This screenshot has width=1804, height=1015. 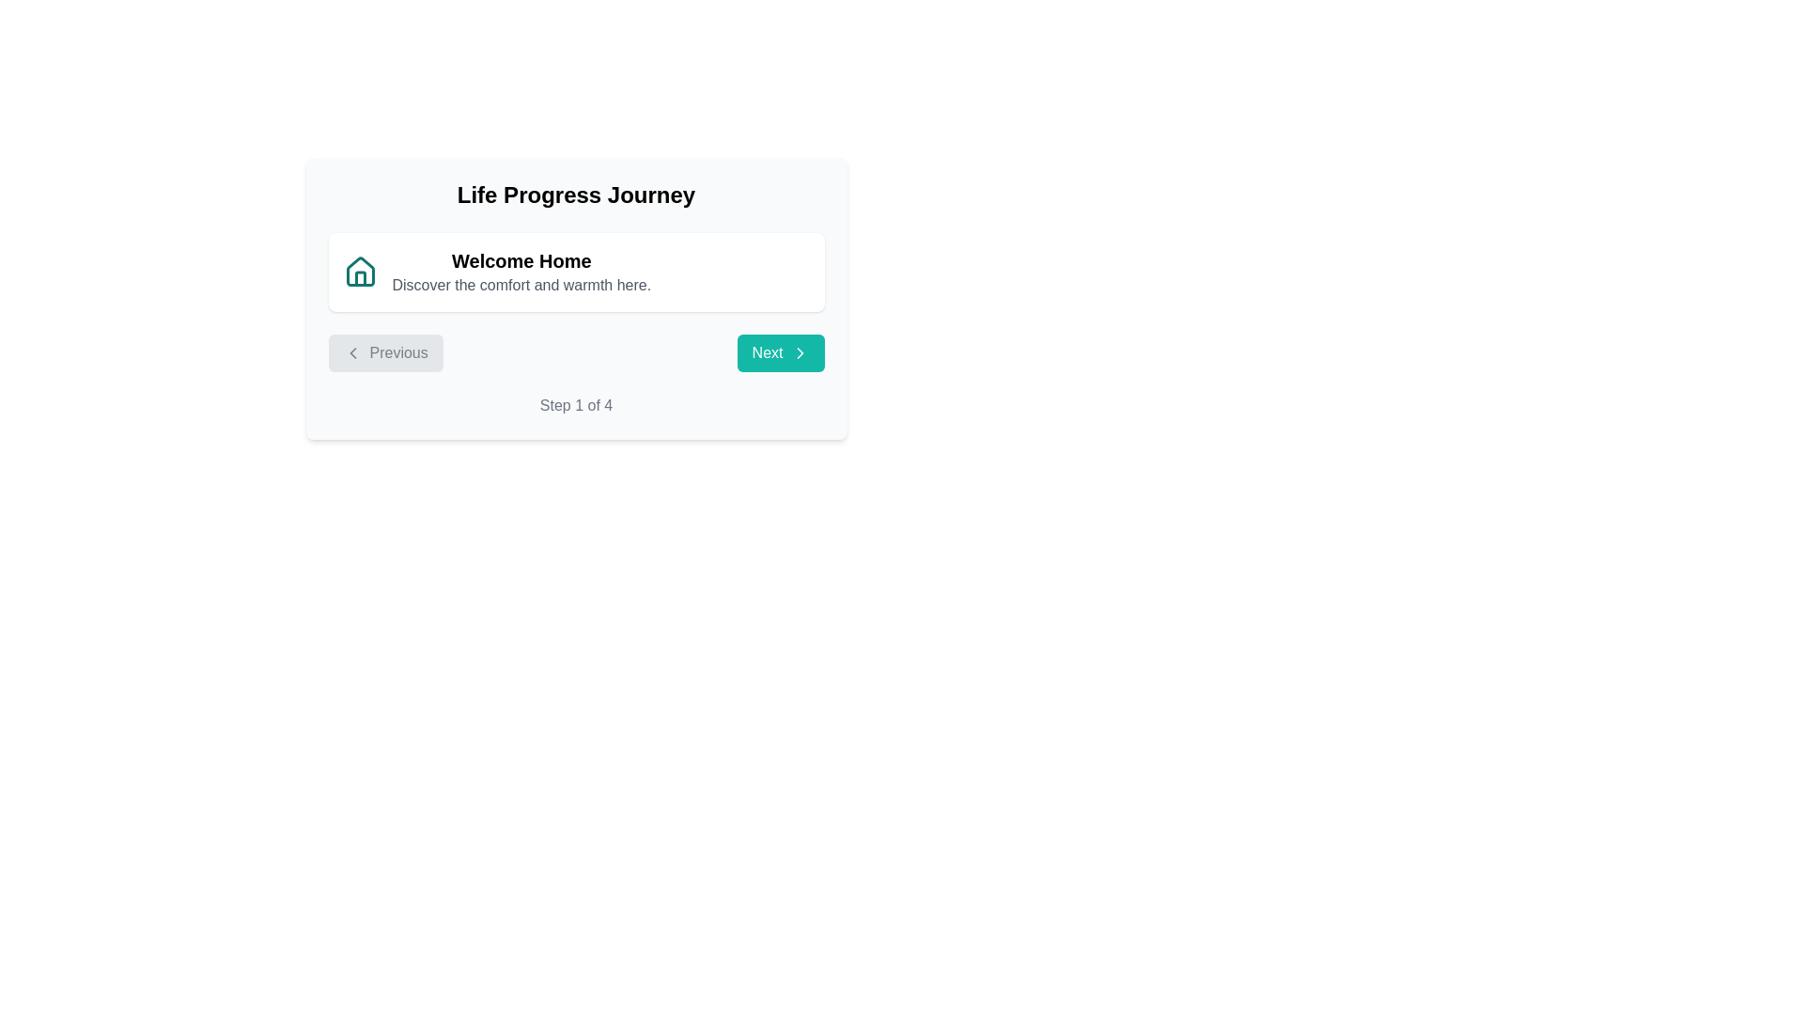 What do you see at coordinates (352, 352) in the screenshot?
I see `the decorative glyph within the 'Previous' button, which visually indicates backward navigation, located to the left of the word 'Previous' in the step navigation section` at bounding box center [352, 352].